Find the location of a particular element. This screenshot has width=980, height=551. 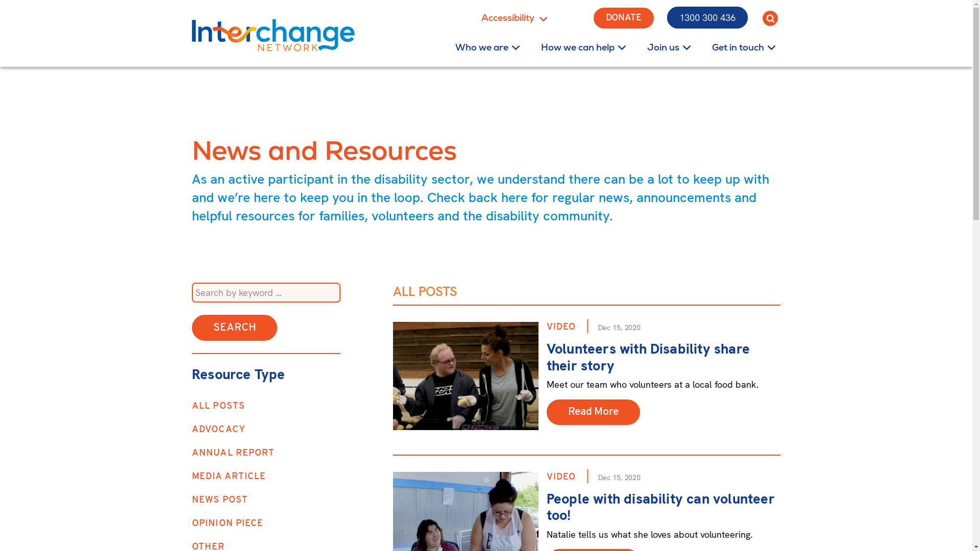

'Join us' is located at coordinates (663, 47).